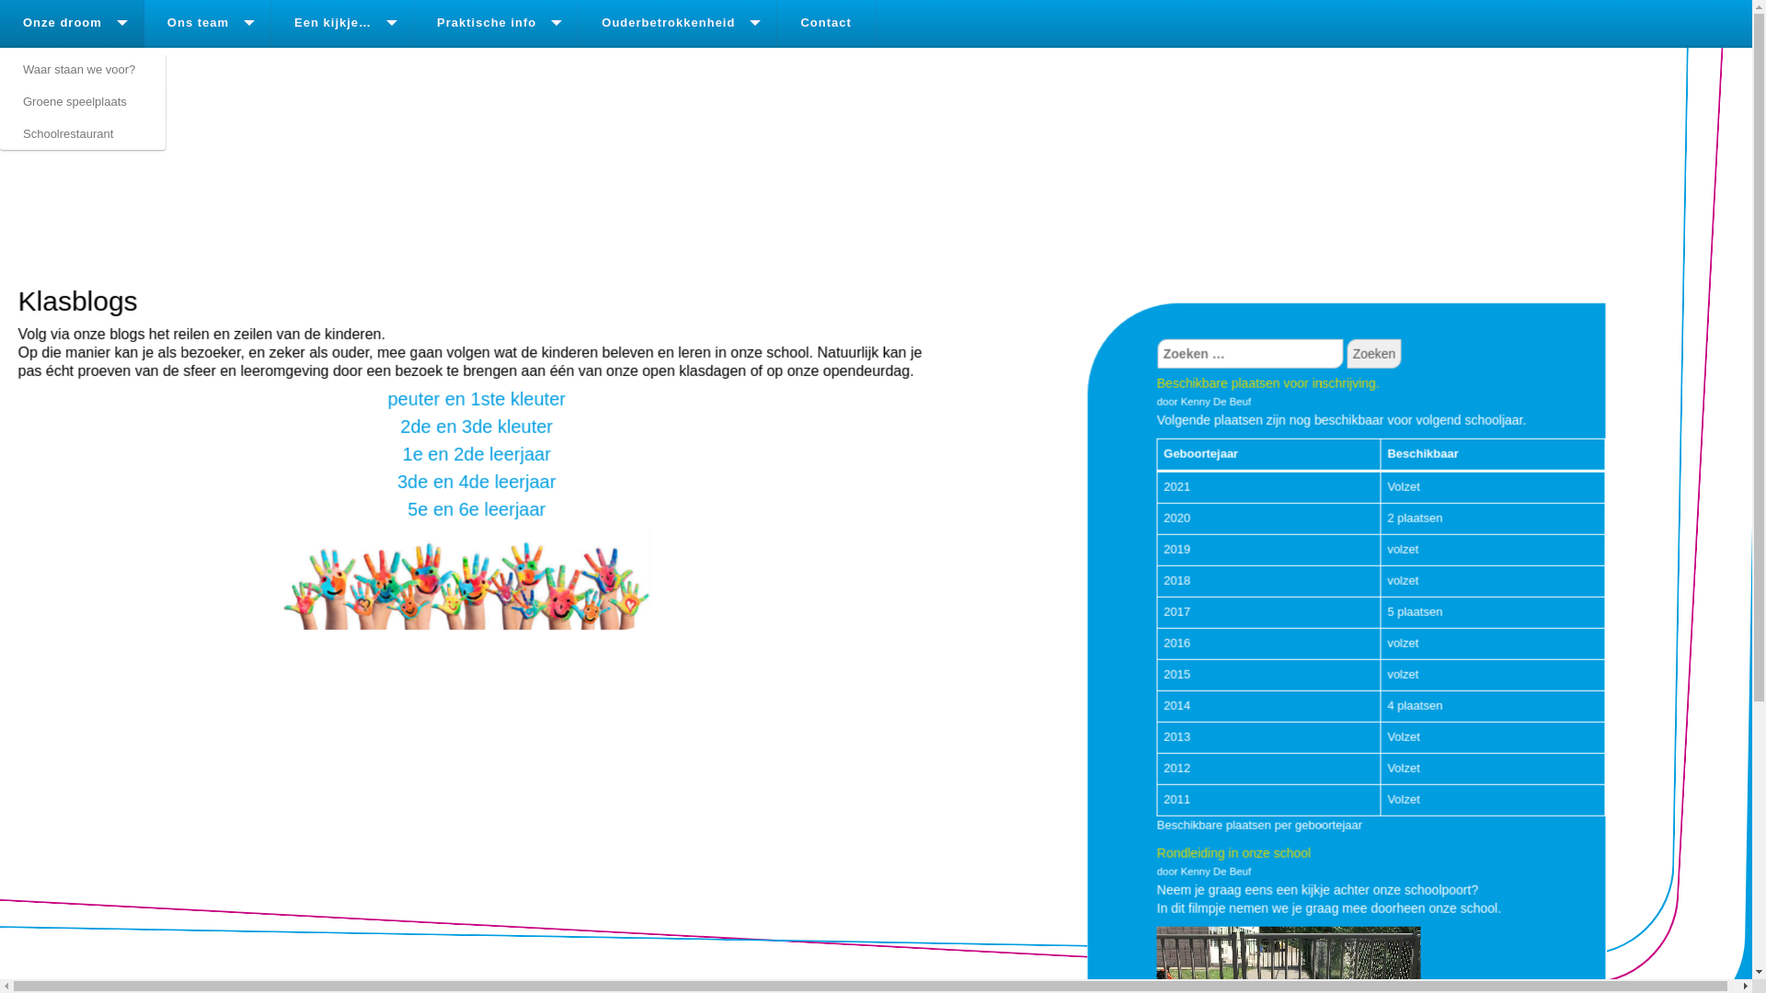 This screenshot has width=1766, height=993. Describe the element at coordinates (1233, 851) in the screenshot. I see `'Rondleiding in onze school'` at that location.